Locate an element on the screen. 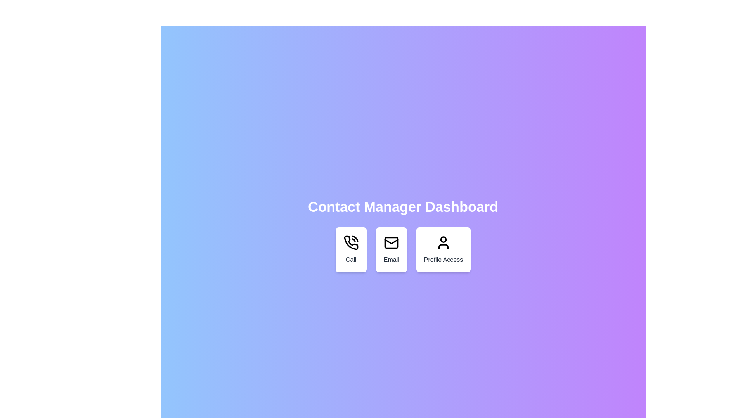  the interactive button located beneath the 'Contact Manager Dashboard' heading, to the left of the 'Email' button, to observe the hover effect is located at coordinates (350, 250).